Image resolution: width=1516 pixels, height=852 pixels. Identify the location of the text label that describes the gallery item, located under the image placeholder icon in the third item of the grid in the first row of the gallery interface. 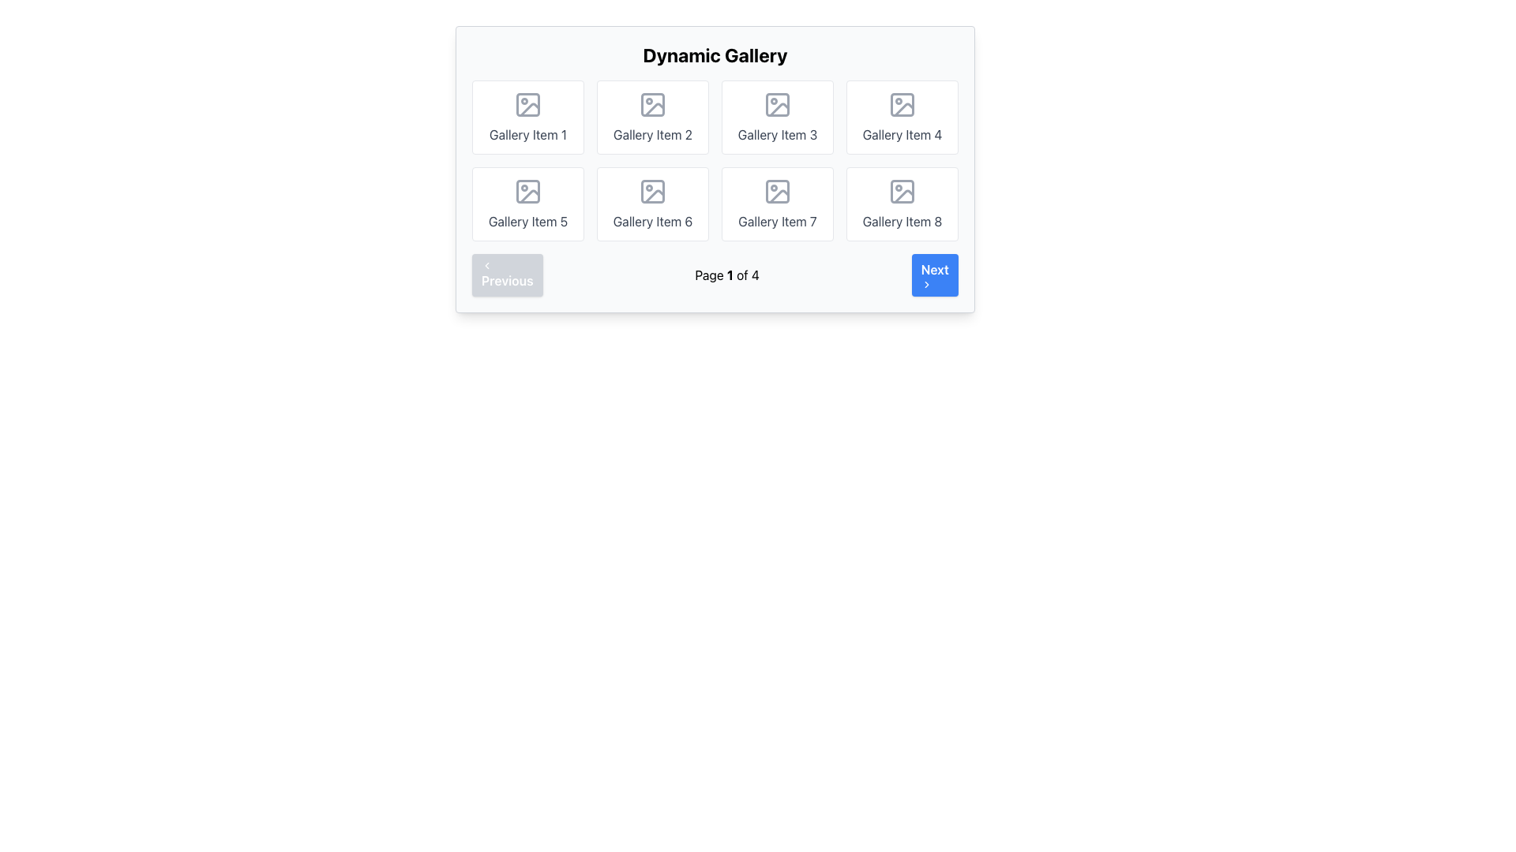
(777, 133).